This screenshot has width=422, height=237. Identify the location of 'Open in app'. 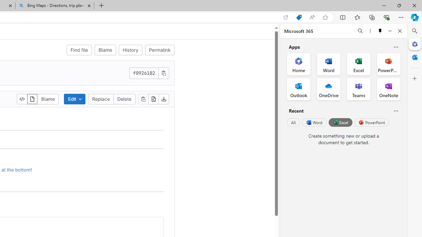
(286, 17).